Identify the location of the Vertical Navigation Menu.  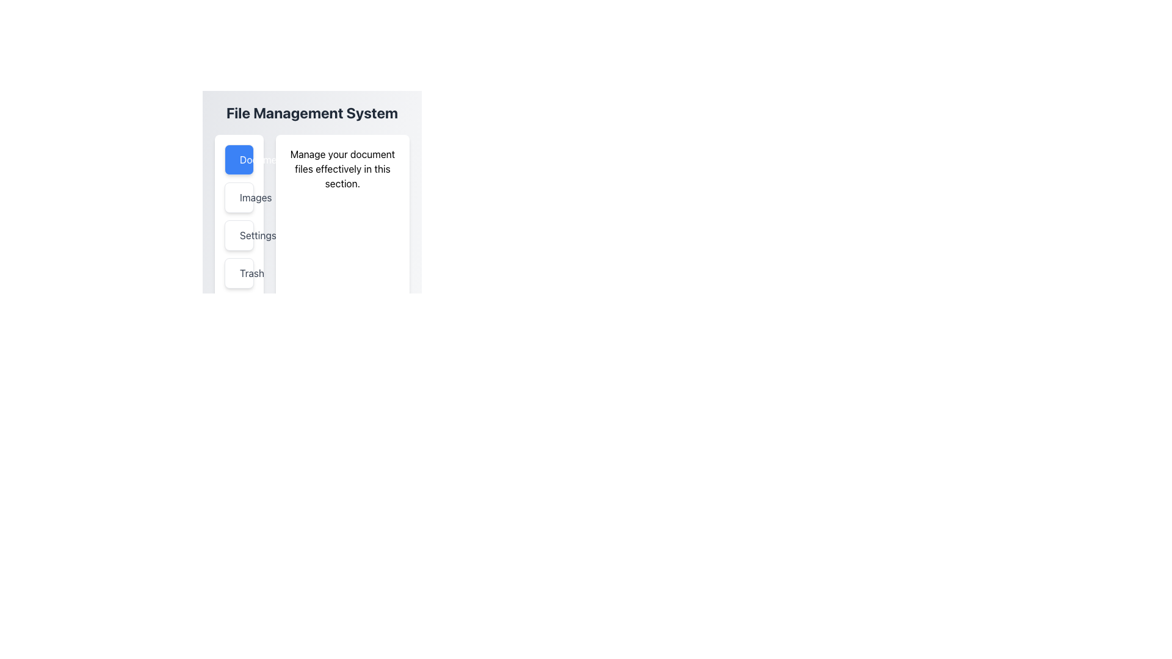
(239, 215).